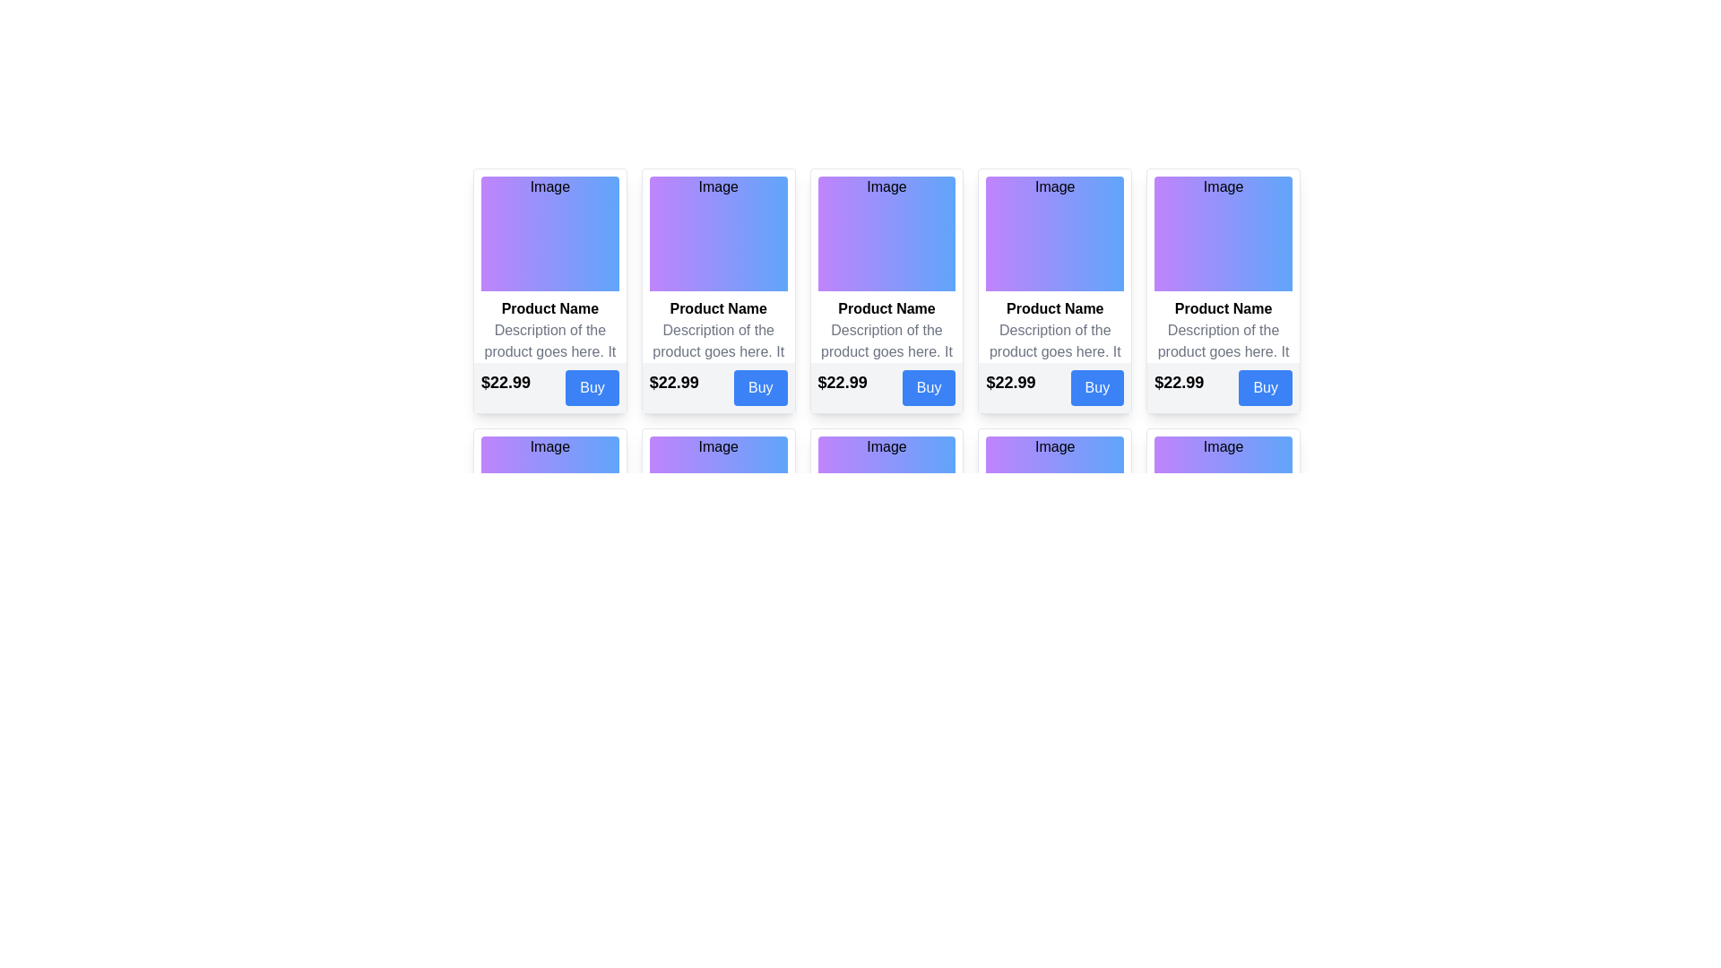 The image size is (1721, 968). What do you see at coordinates (549, 290) in the screenshot?
I see `the first product card in the grid layout` at bounding box center [549, 290].